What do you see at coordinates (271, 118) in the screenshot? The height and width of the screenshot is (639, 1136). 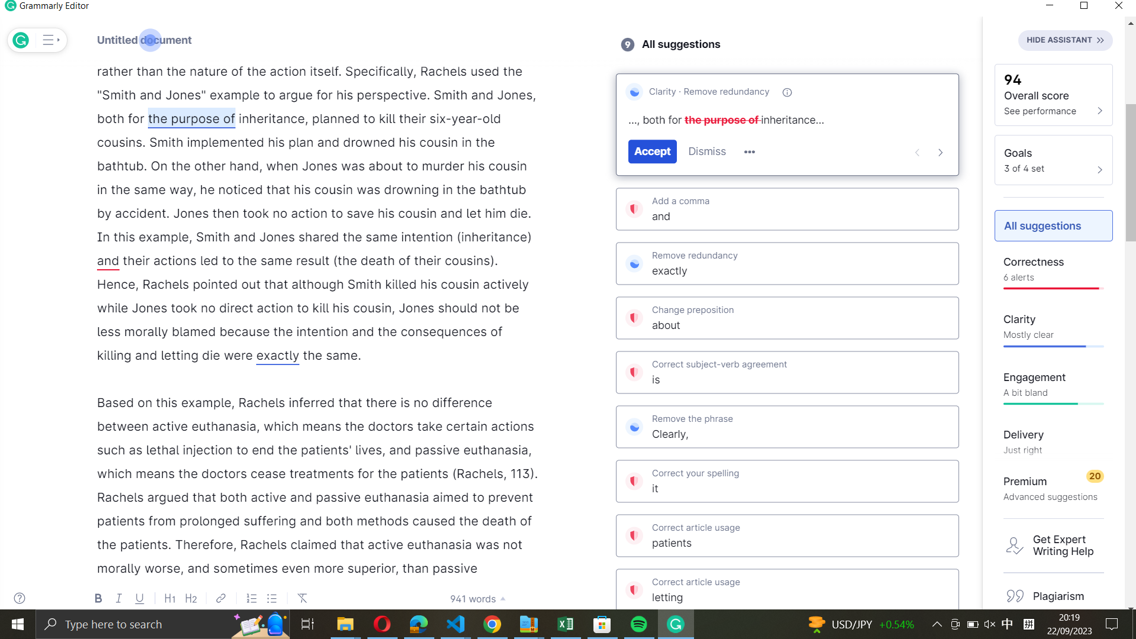 I see `italic styling to text` at bounding box center [271, 118].